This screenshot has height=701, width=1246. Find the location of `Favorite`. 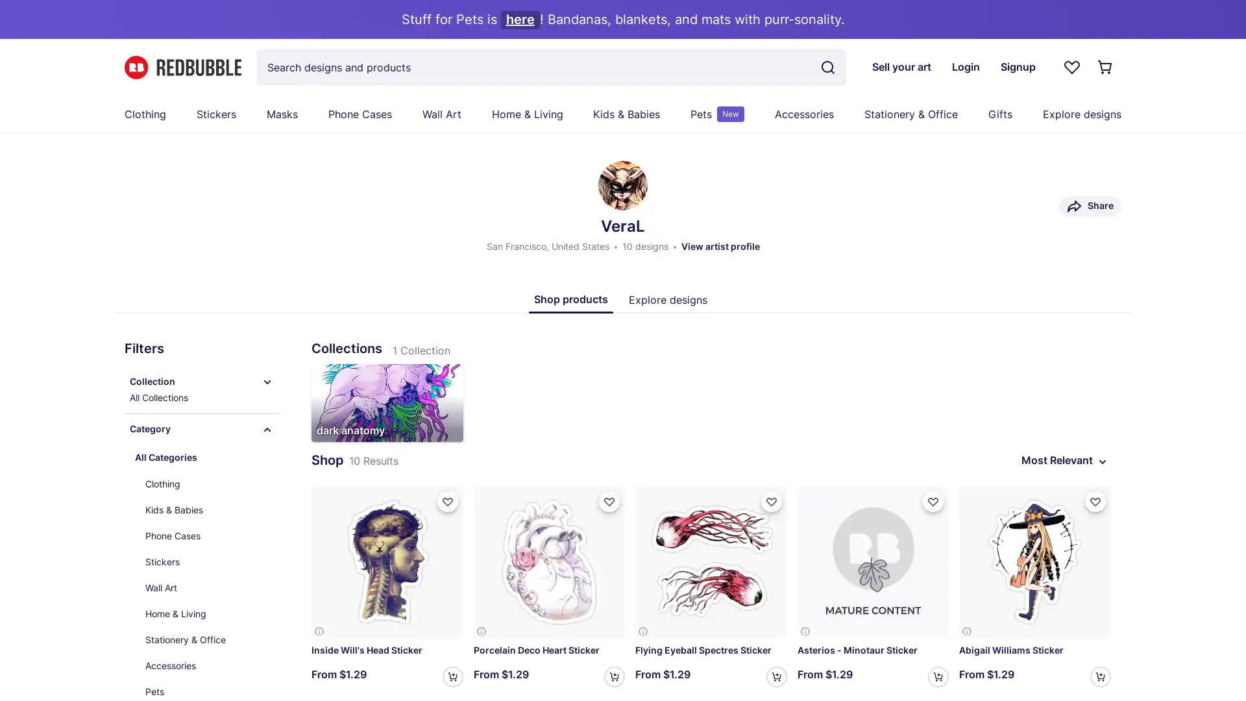

Favorite is located at coordinates (447, 500).